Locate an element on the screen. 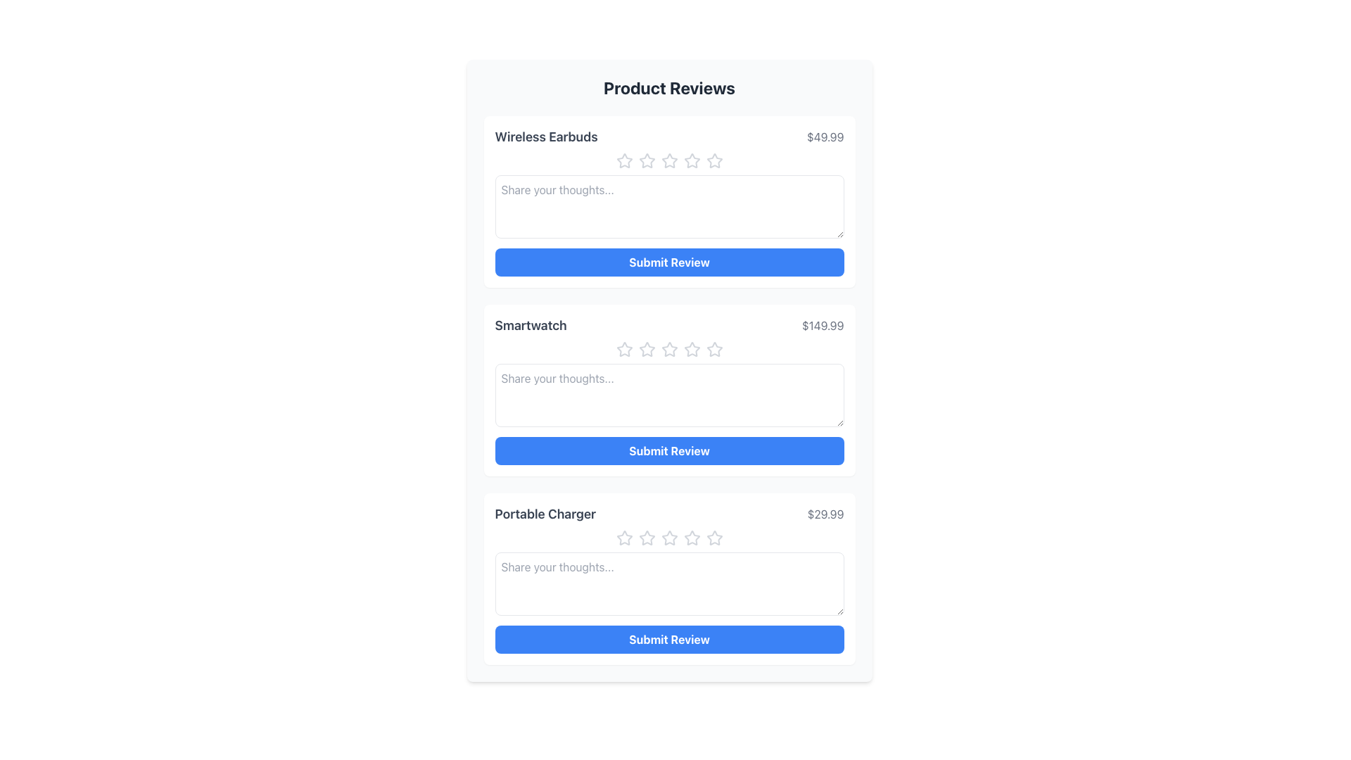 This screenshot has height=760, width=1351. one of the star icons in the Rating Widget located in the Product Reviews section of the Wireless Earbuds card is located at coordinates (668, 160).